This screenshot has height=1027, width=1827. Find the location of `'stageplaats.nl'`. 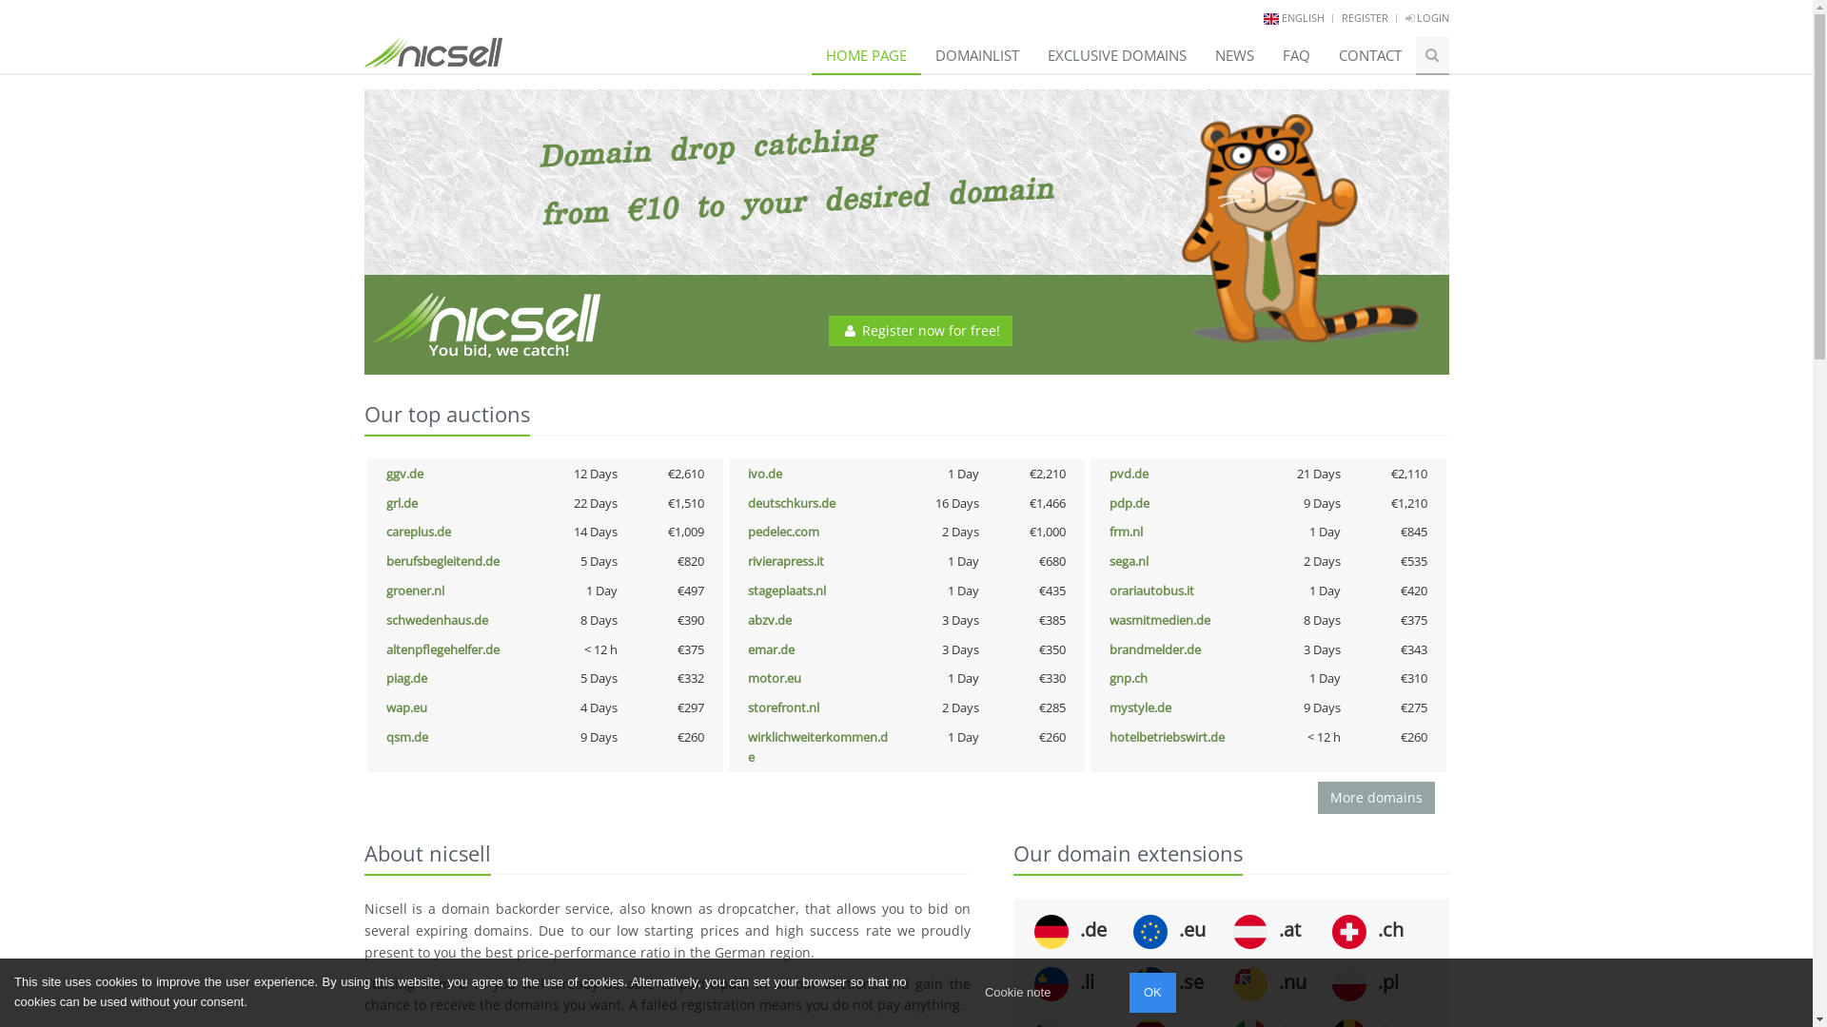

'stageplaats.nl' is located at coordinates (786, 590).